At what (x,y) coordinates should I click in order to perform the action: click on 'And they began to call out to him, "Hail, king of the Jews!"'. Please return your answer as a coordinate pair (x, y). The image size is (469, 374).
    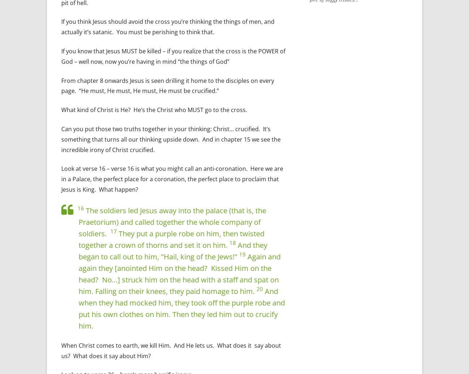
    Looking at the image, I should click on (172, 250).